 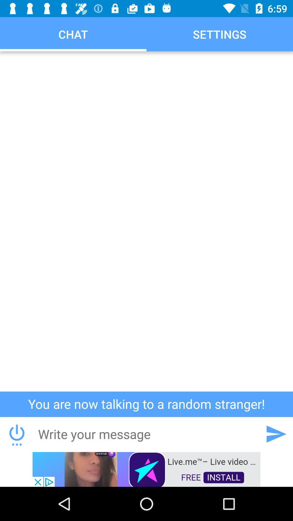 I want to click on send message, so click(x=276, y=434).